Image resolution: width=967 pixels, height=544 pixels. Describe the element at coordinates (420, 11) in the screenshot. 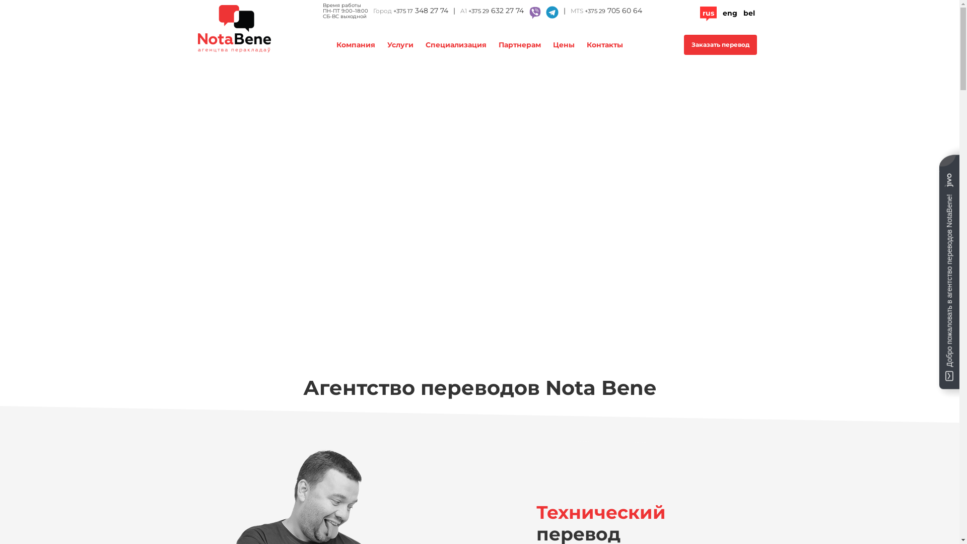

I see `'+375 17 348 27 74'` at that location.